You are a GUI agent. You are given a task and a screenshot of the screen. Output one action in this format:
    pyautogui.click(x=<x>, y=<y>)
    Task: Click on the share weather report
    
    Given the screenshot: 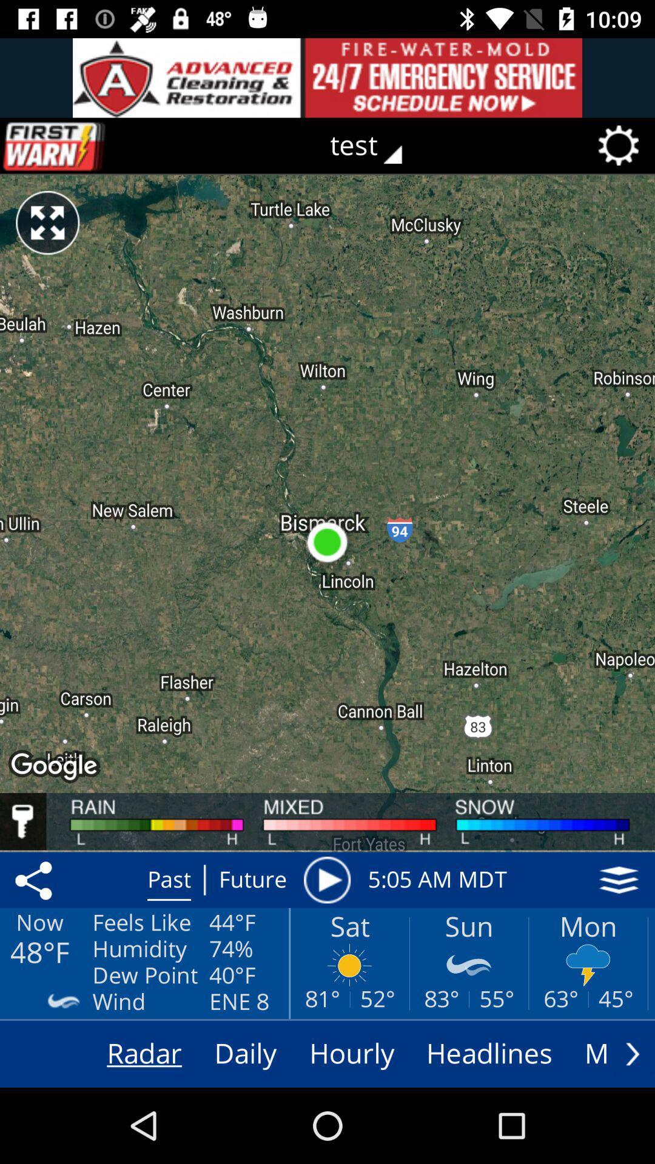 What is the action you would take?
    pyautogui.click(x=35, y=880)
    